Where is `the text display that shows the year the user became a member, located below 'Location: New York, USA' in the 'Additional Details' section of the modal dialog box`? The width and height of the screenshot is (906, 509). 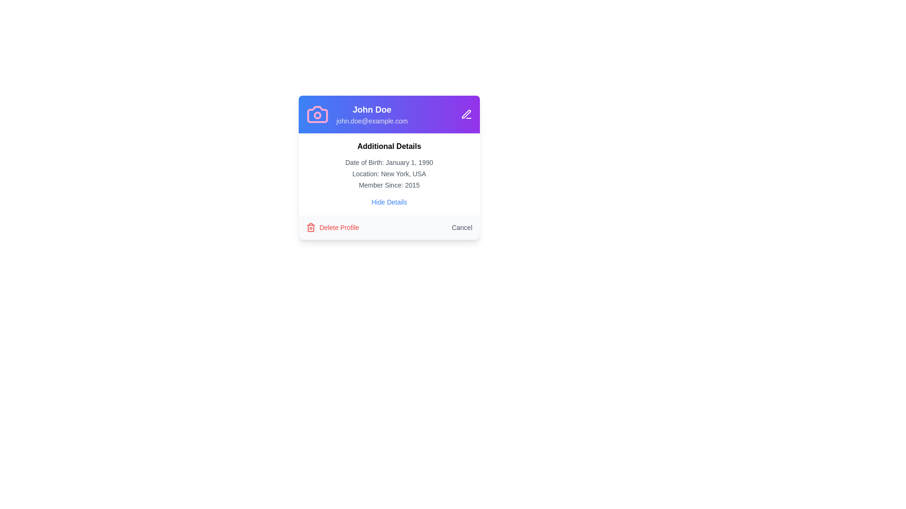
the text display that shows the year the user became a member, located below 'Location: New York, USA' in the 'Additional Details' section of the modal dialog box is located at coordinates (389, 185).